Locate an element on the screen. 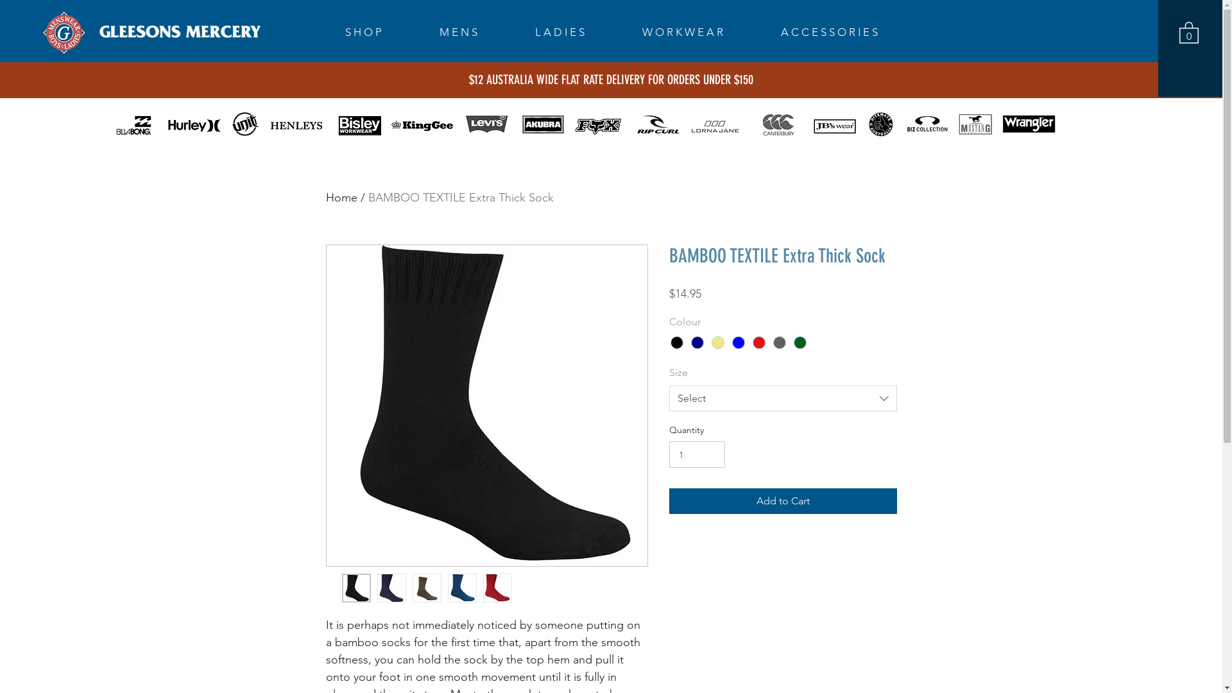 The width and height of the screenshot is (1232, 693). 'Add to Cart' is located at coordinates (782, 500).